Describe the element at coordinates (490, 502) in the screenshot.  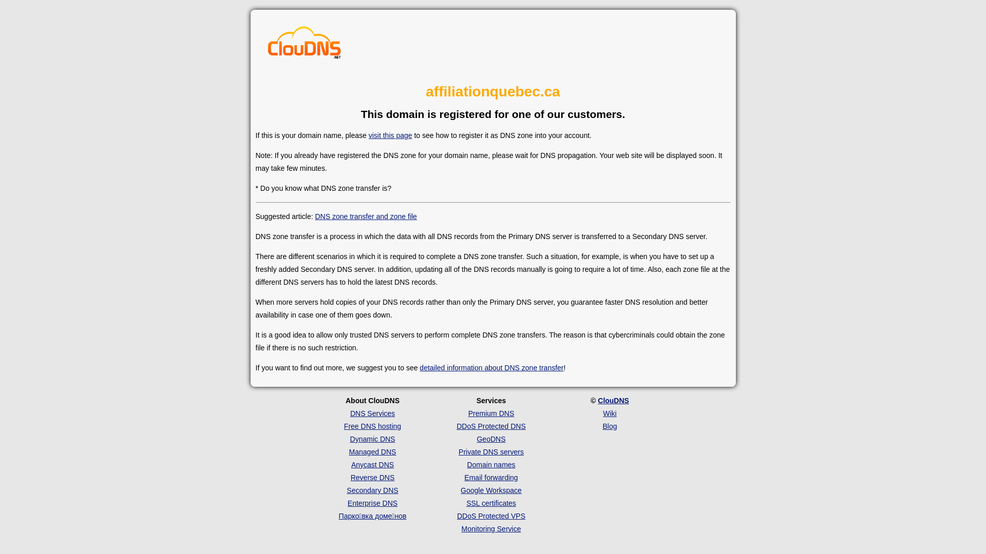
I see `'SSL certificates'` at that location.